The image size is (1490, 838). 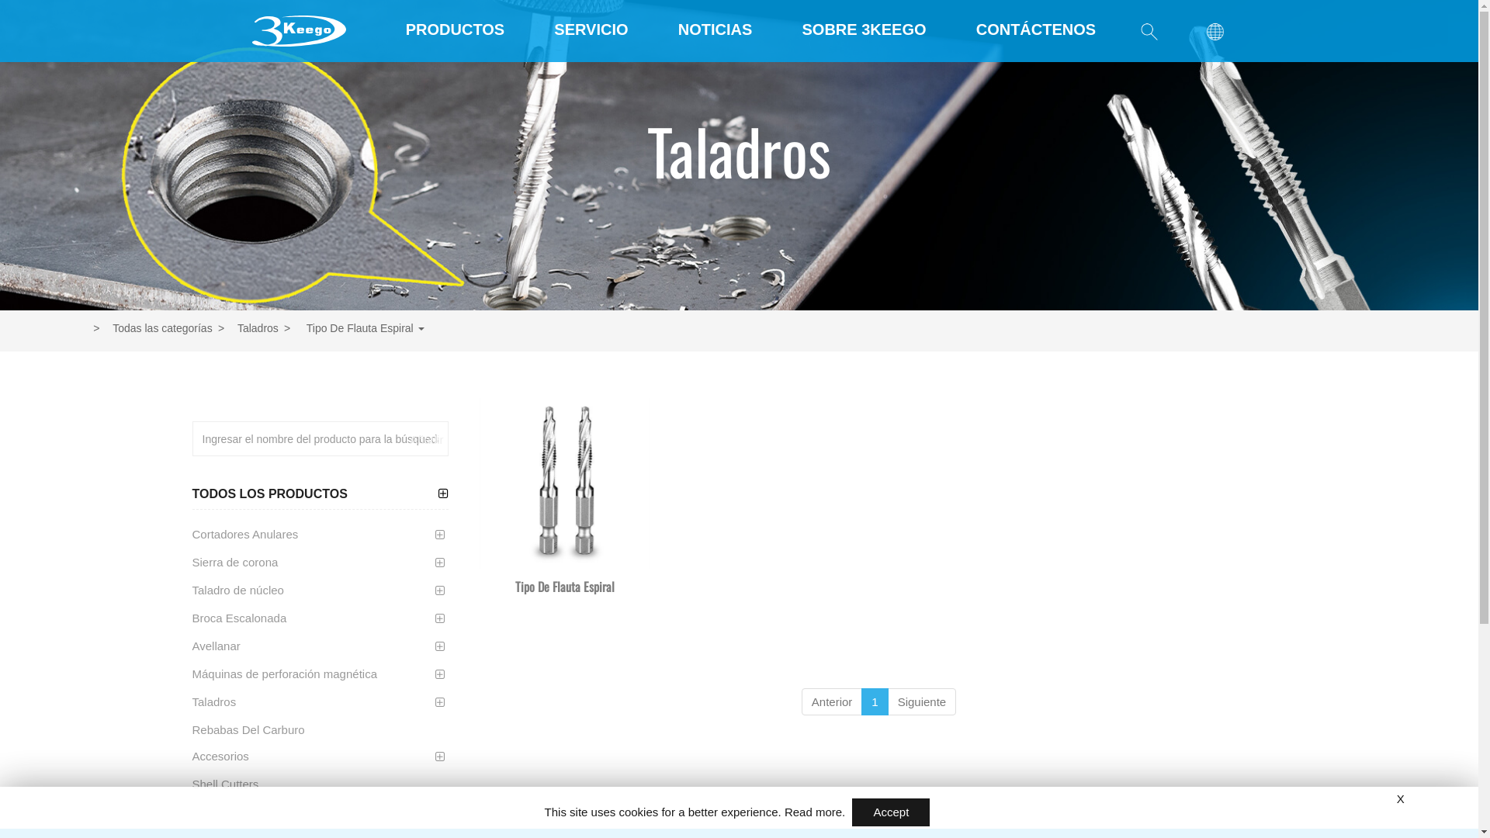 I want to click on 'SOBRE 3KEEGO', so click(x=863, y=29).